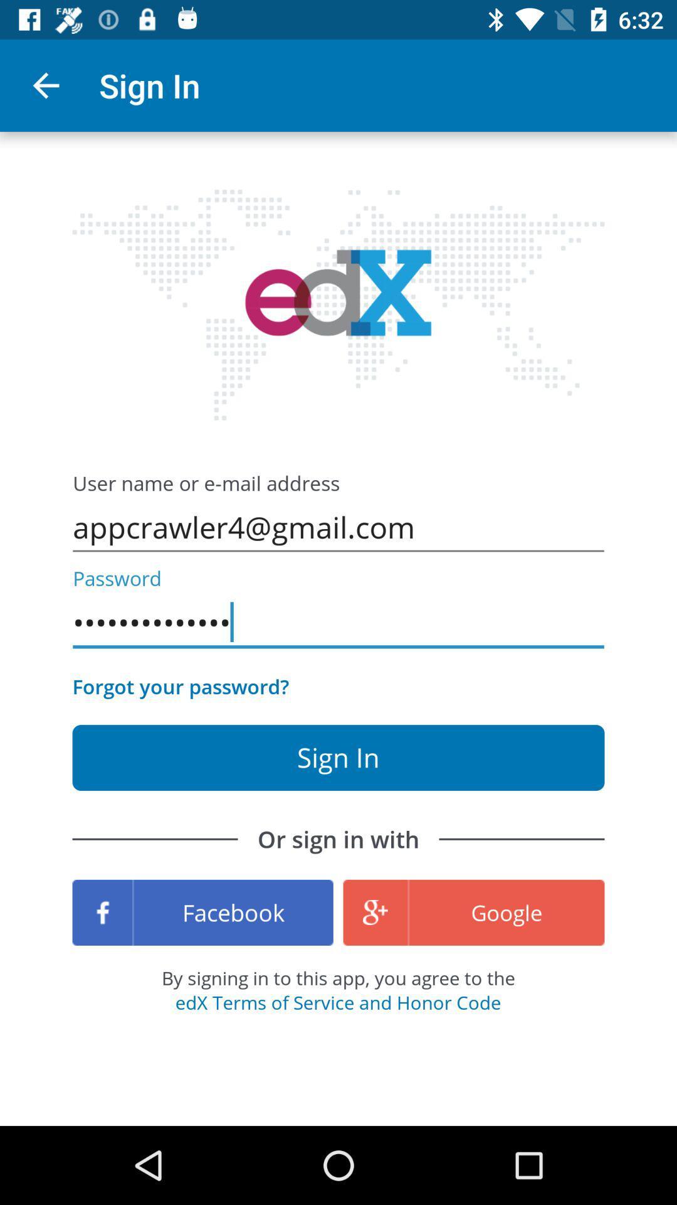 The width and height of the screenshot is (677, 1205). I want to click on the forgot your password?, so click(181, 685).